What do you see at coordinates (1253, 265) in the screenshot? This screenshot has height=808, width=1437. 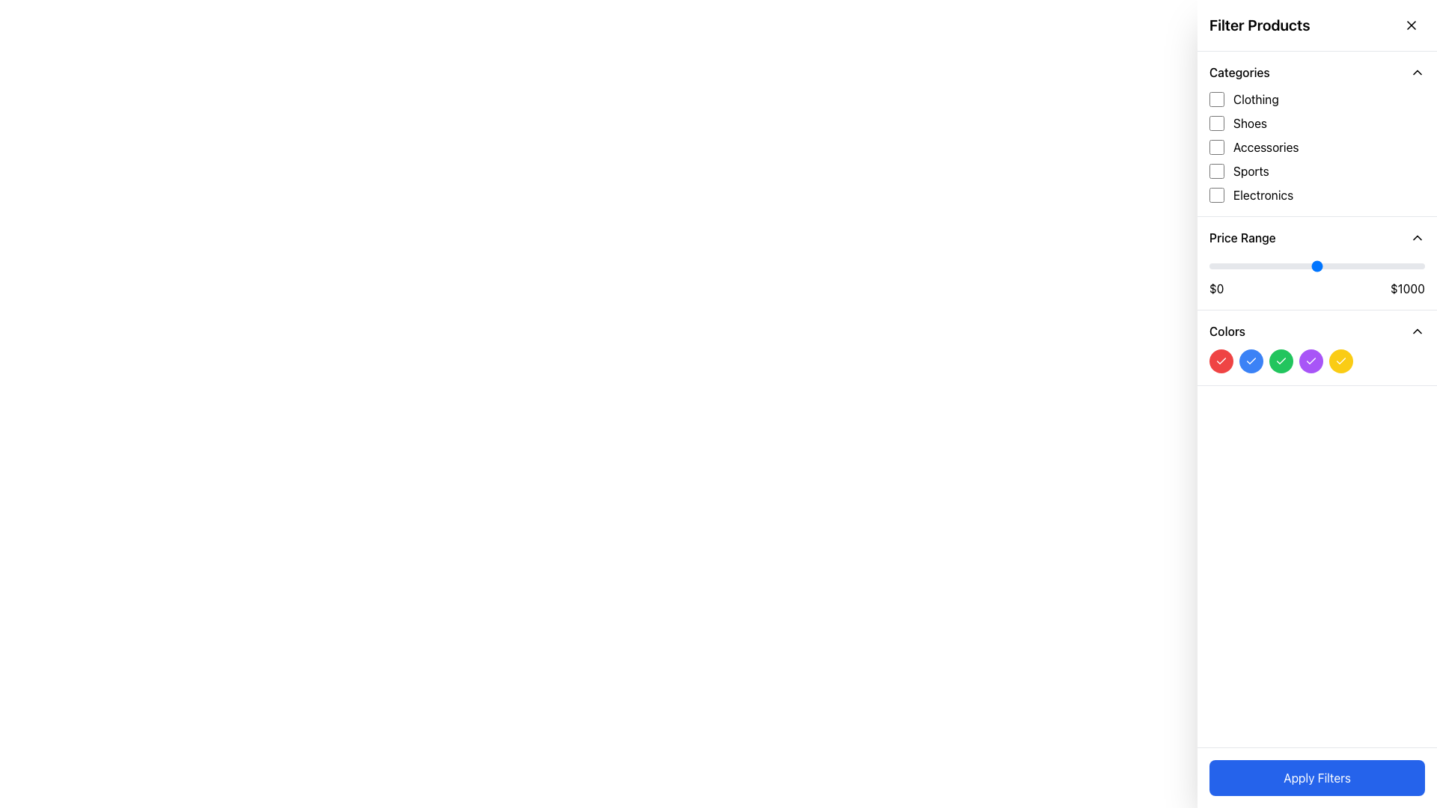 I see `the price range slider` at bounding box center [1253, 265].